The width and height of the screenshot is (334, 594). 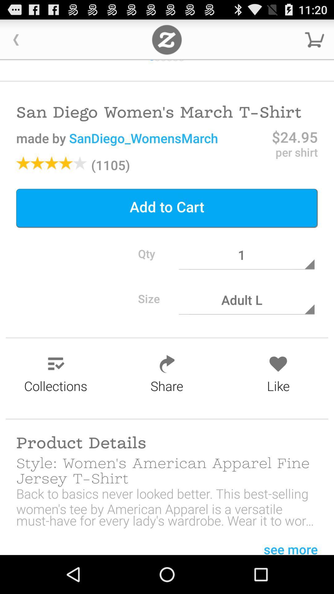 I want to click on the cart icon, so click(x=315, y=42).